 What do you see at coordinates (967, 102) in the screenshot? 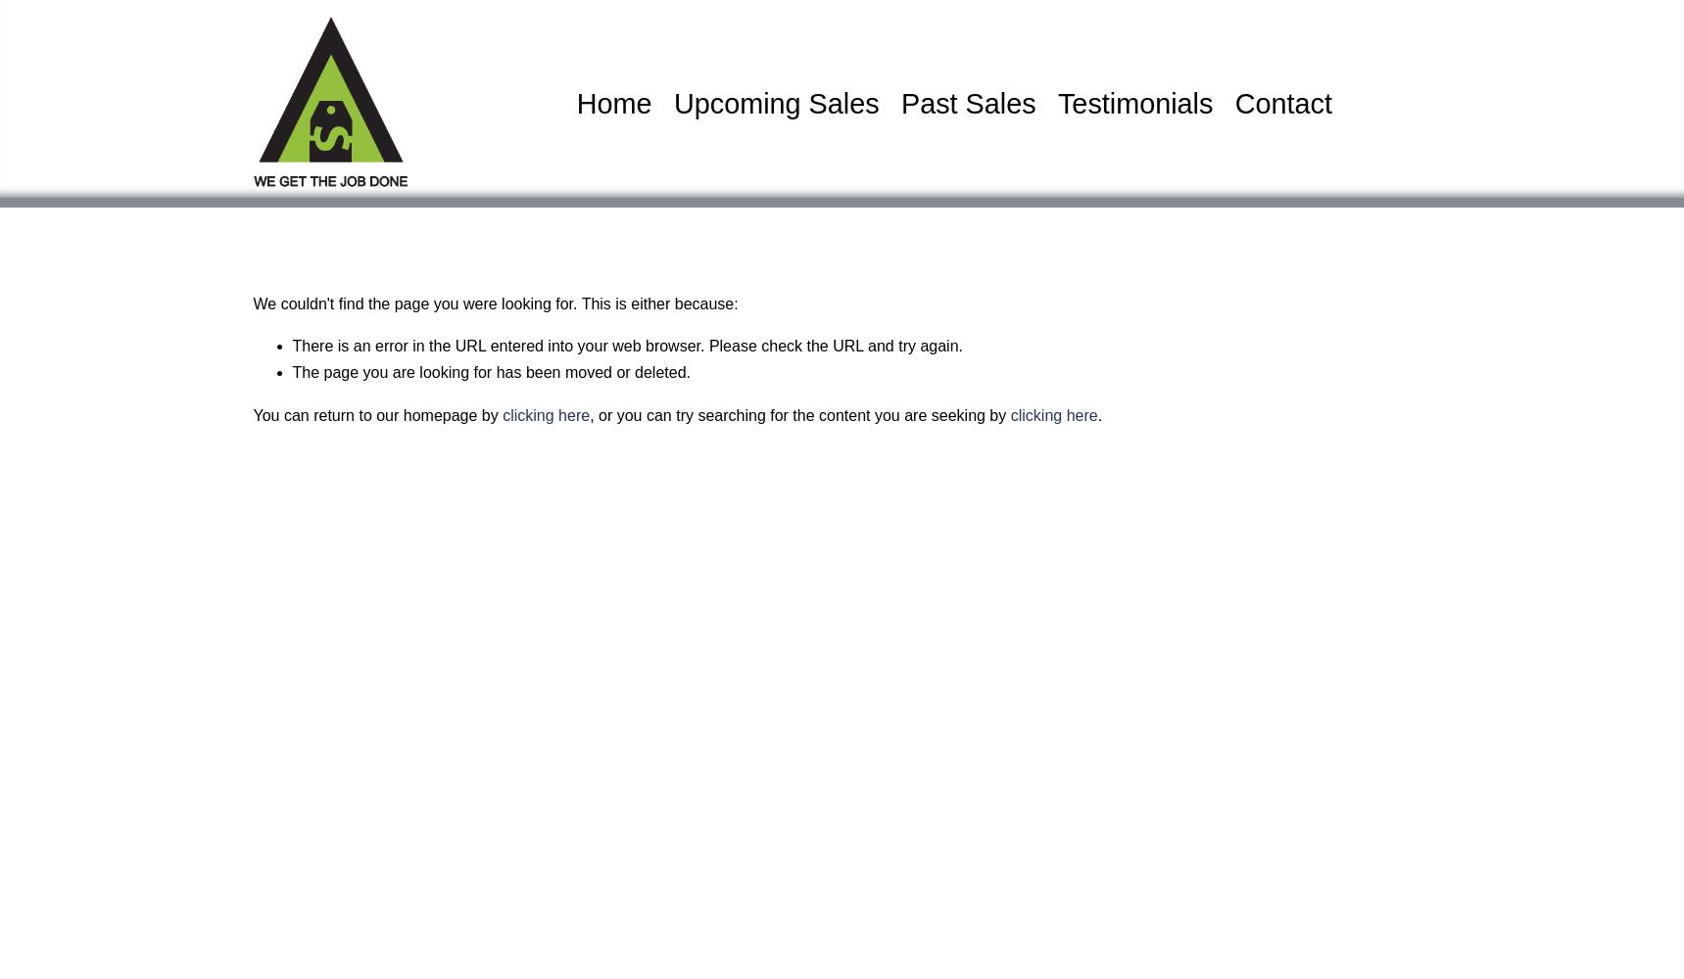
I see `'Past Sales'` at bounding box center [967, 102].